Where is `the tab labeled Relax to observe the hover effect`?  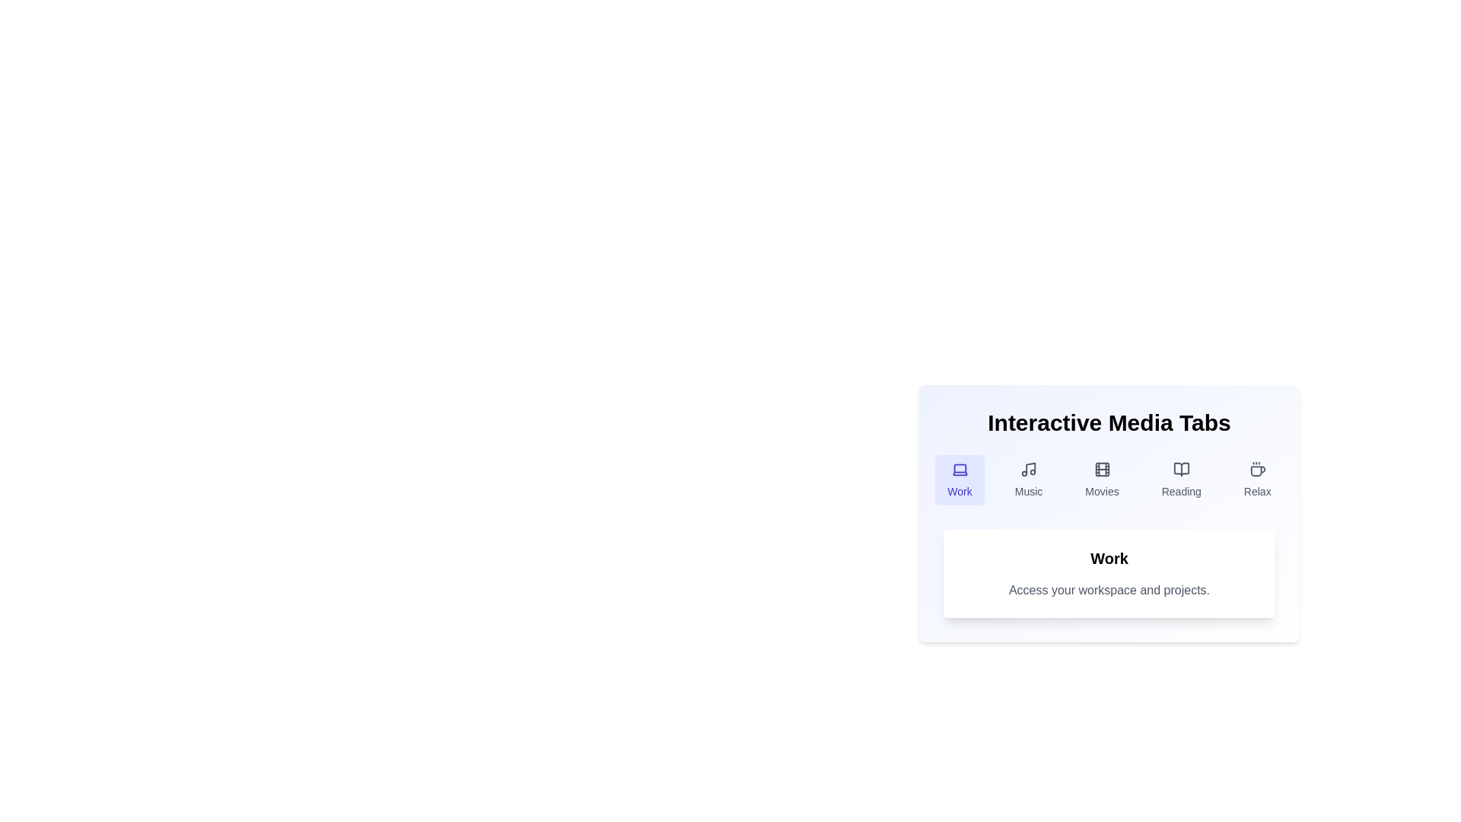
the tab labeled Relax to observe the hover effect is located at coordinates (1257, 480).